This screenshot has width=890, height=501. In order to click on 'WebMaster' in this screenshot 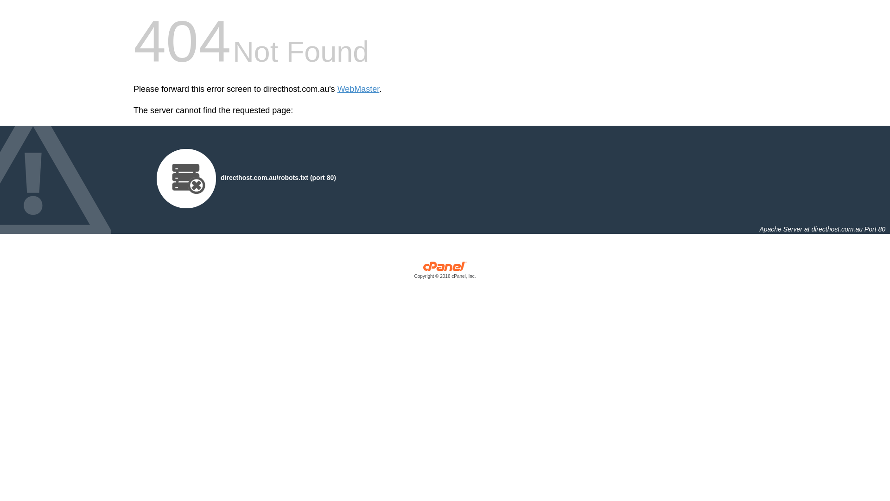, I will do `click(358, 89)`.